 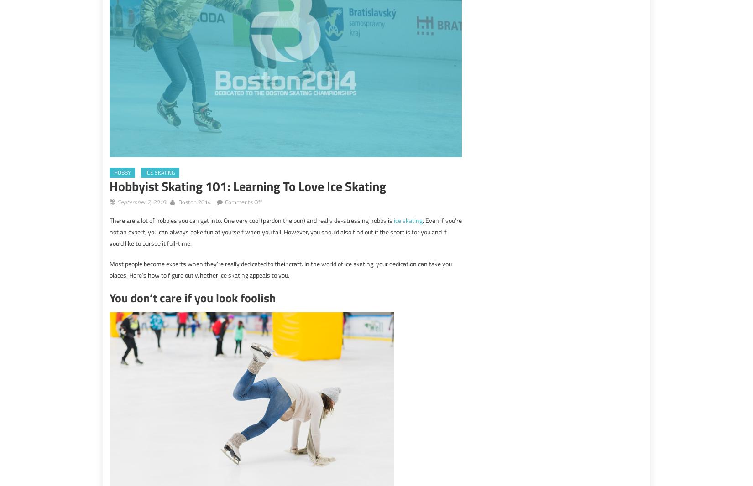 I want to click on '. Even if you’re not an expert, you can always poke fun at yourself when you fall. However, you should also find out if the sport is for you and if you’d like to pursue it full-time.', so click(x=285, y=231).